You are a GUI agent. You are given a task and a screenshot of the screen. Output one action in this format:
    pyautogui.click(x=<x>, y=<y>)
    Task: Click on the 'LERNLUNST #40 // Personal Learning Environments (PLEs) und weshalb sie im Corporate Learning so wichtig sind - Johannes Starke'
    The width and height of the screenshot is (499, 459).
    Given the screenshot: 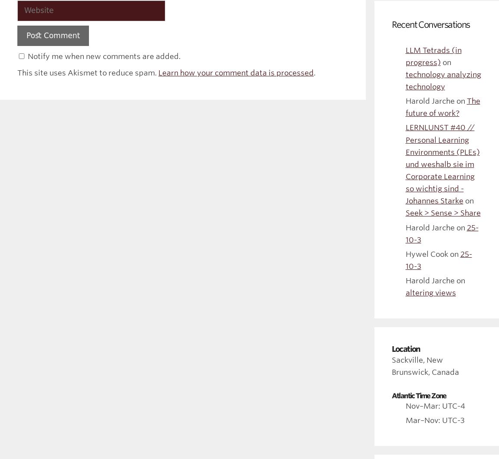 What is the action you would take?
    pyautogui.click(x=405, y=164)
    